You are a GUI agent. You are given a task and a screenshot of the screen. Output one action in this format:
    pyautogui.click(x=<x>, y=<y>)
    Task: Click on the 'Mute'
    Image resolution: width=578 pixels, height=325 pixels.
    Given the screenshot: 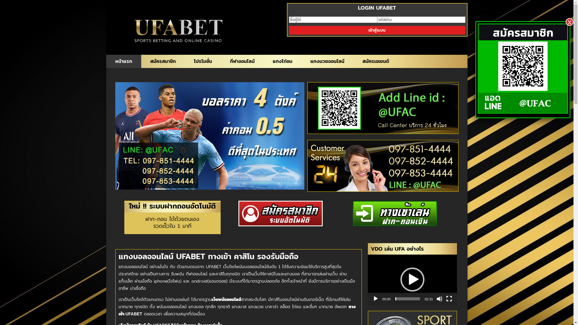 What is the action you would take?
    pyautogui.click(x=439, y=299)
    